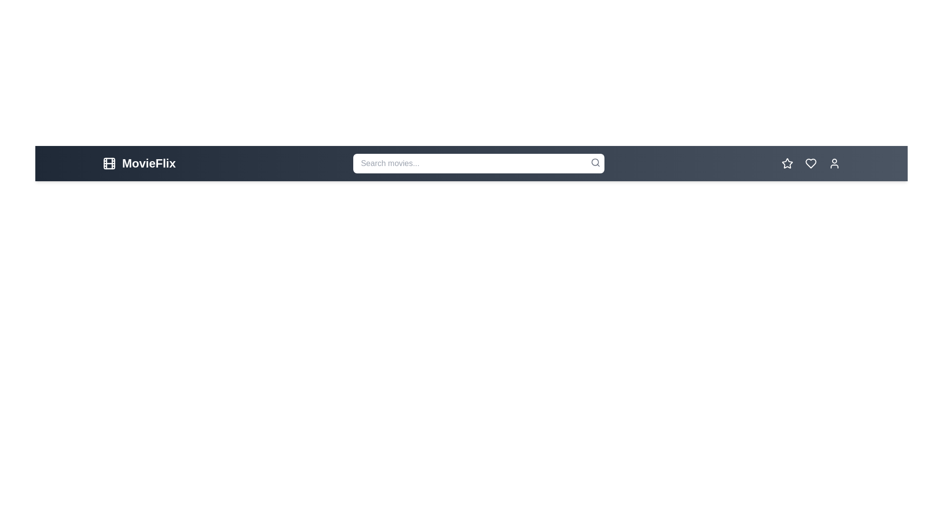 The width and height of the screenshot is (942, 529). Describe the element at coordinates (787, 163) in the screenshot. I see `the favorites button to mark or unmark items as favorites` at that location.